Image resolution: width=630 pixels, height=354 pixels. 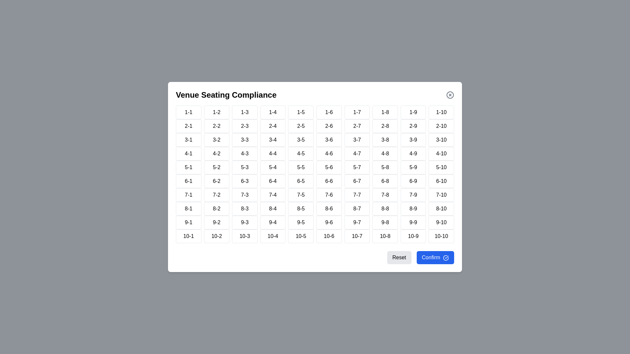 I want to click on the 'Confirm' button to confirm the selected seat, so click(x=435, y=257).